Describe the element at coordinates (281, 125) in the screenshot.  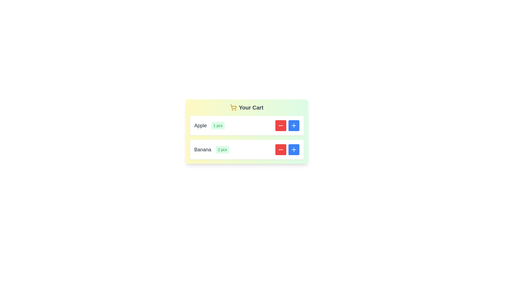
I see `the quantity adjustment button for Apple to decrease` at that location.